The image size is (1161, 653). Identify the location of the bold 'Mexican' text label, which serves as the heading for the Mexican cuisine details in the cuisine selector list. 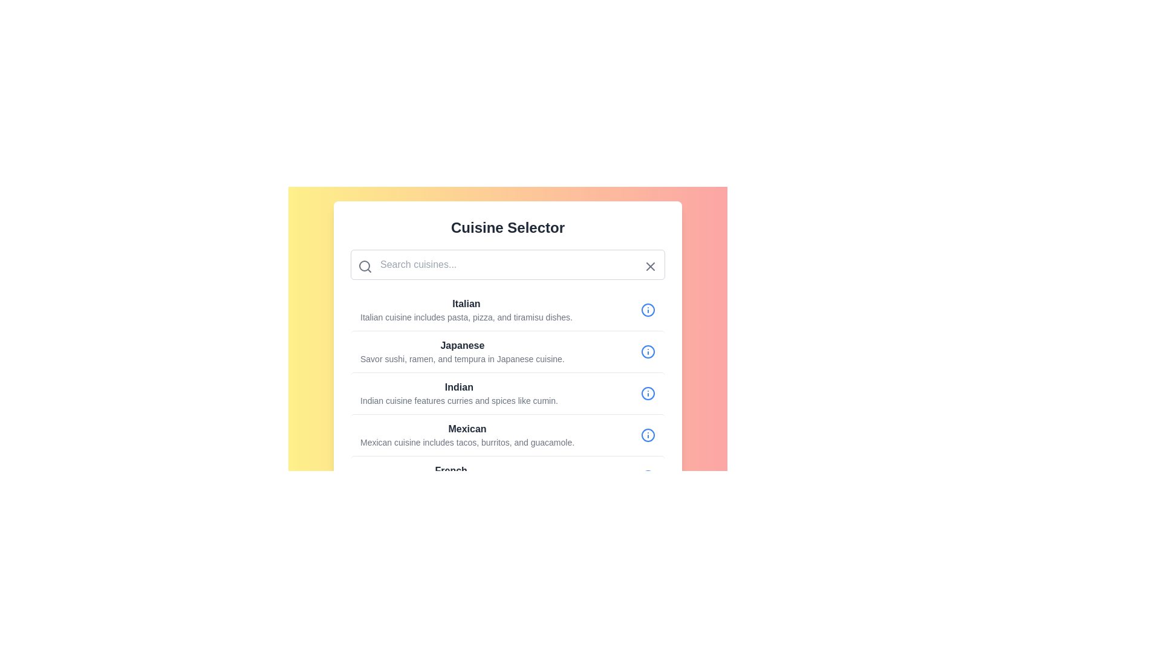
(466, 428).